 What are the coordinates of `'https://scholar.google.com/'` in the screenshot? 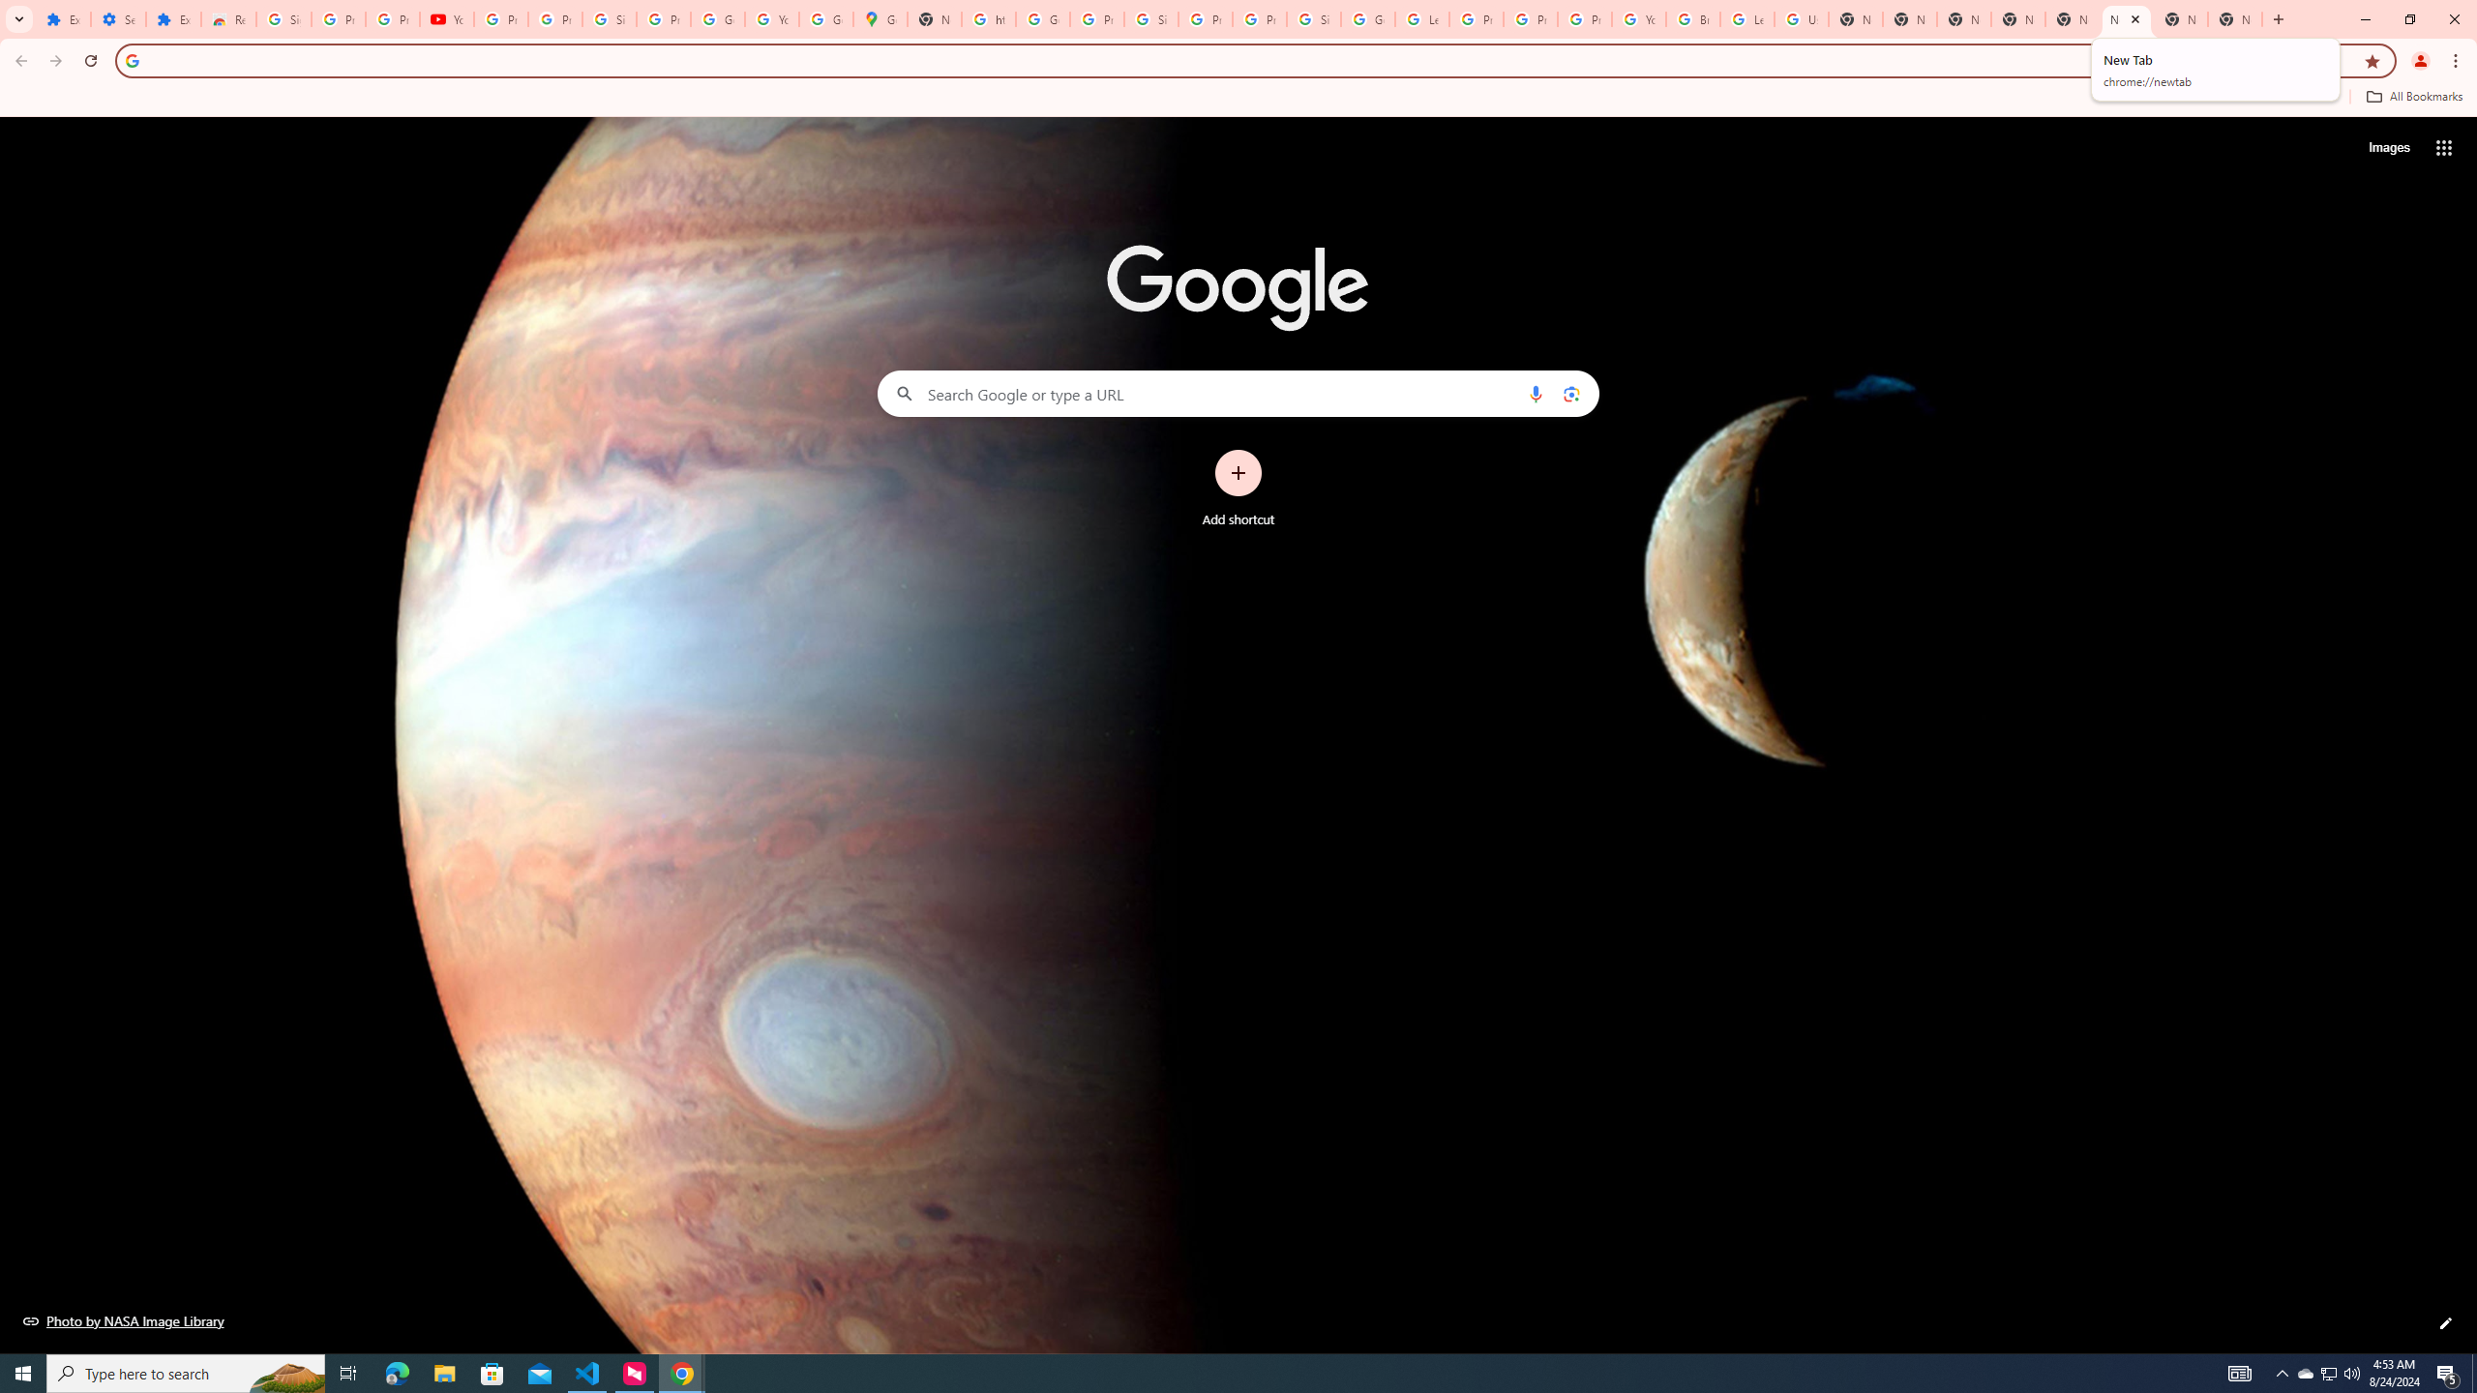 It's located at (989, 18).